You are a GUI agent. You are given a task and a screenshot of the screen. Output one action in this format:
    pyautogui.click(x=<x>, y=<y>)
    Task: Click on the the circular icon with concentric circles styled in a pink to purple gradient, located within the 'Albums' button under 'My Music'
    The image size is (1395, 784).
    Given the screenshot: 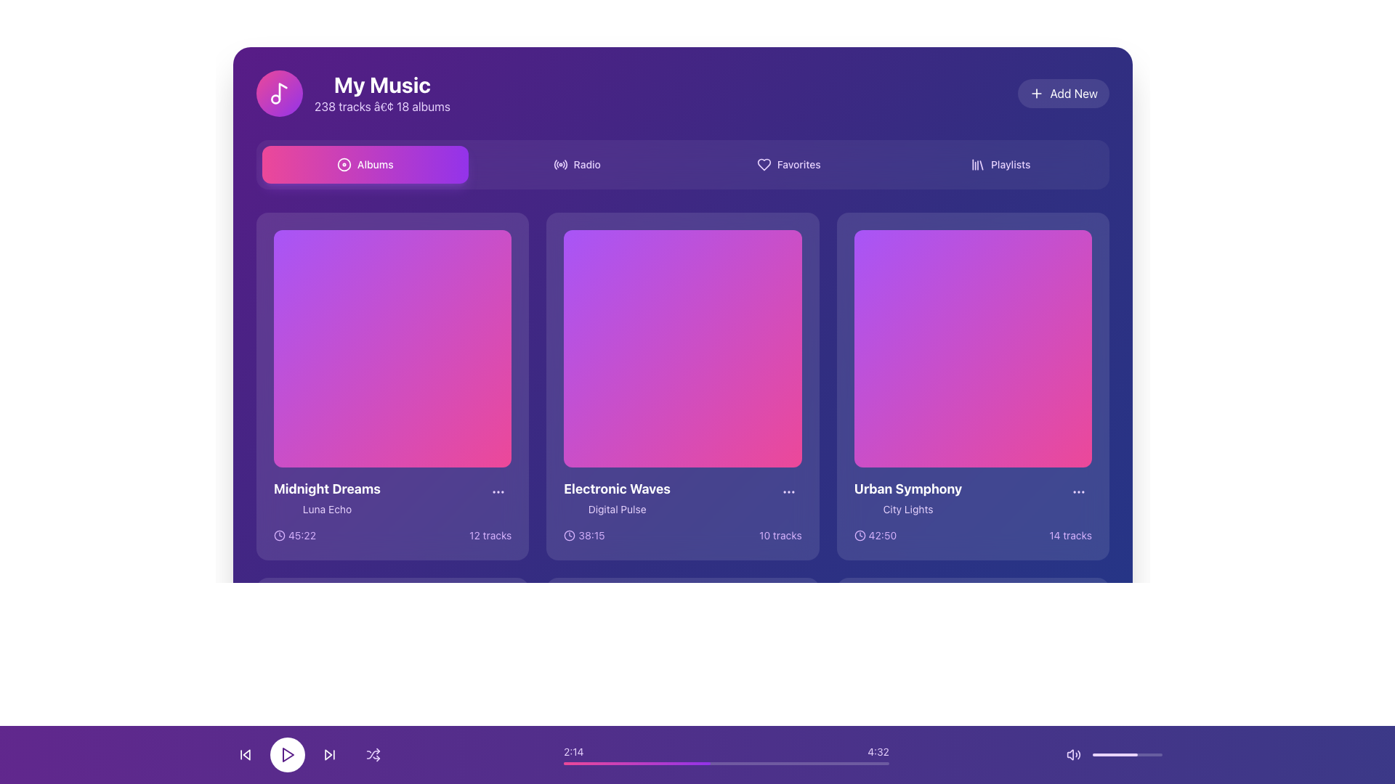 What is the action you would take?
    pyautogui.click(x=343, y=164)
    